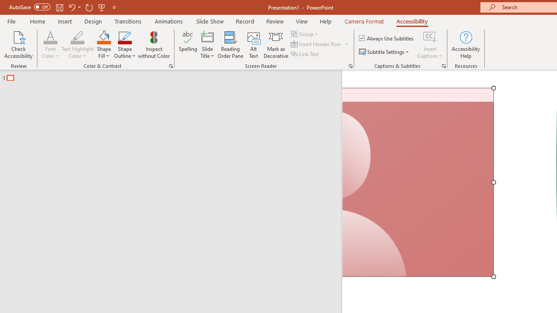 This screenshot has width=557, height=313. What do you see at coordinates (230, 45) in the screenshot?
I see `'Reading Order Pane'` at bounding box center [230, 45].